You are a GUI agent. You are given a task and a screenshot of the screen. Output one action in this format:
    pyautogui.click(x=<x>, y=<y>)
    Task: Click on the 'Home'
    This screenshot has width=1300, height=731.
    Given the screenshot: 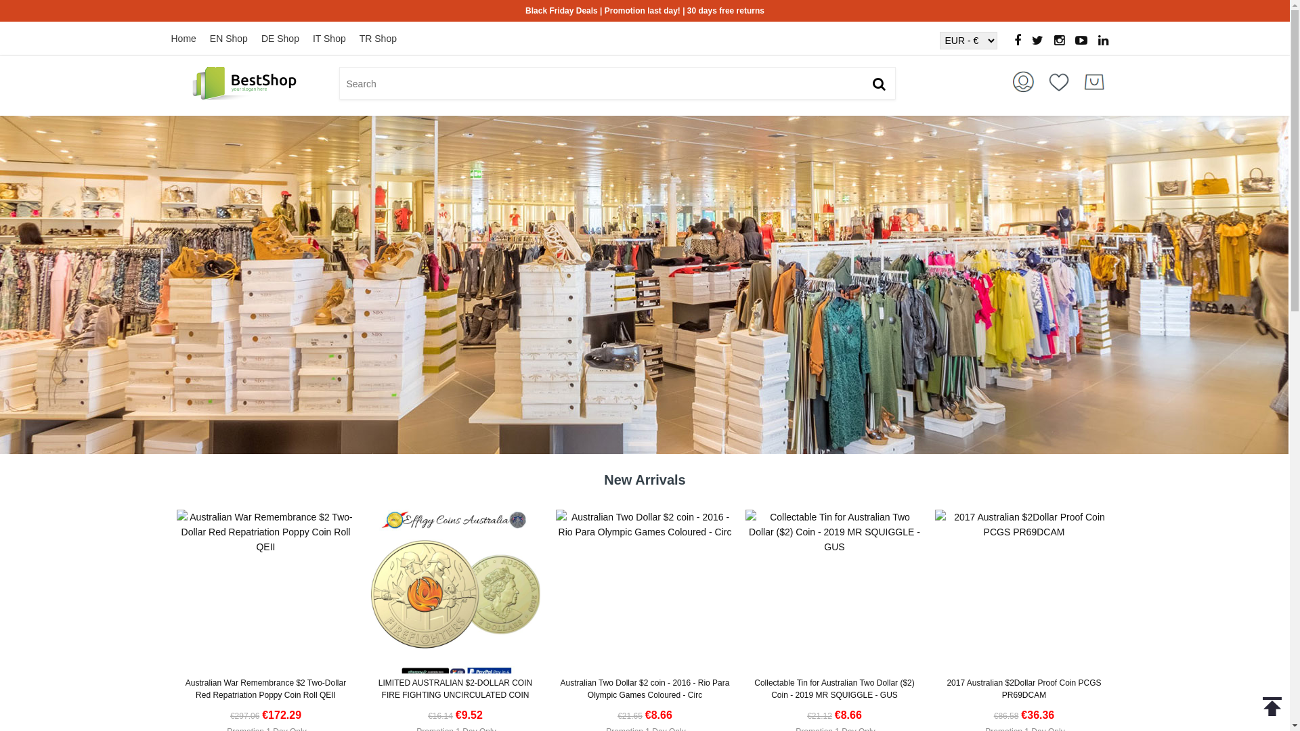 What is the action you would take?
    pyautogui.click(x=189, y=38)
    